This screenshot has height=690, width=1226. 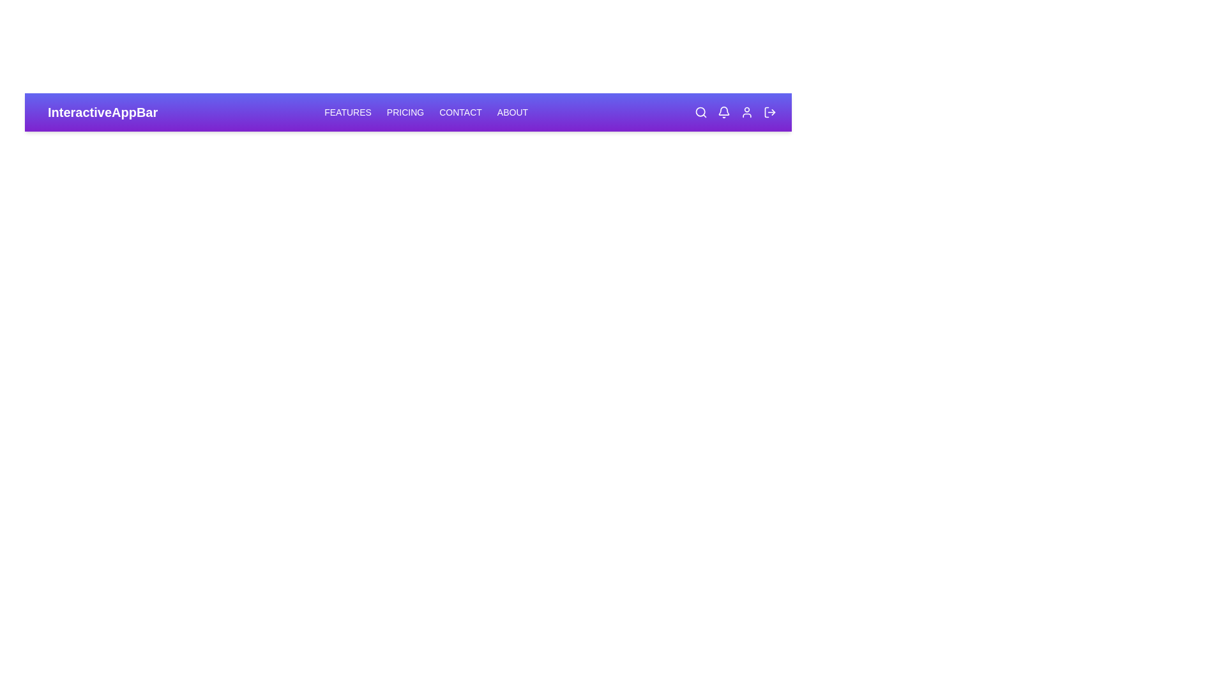 What do you see at coordinates (460, 112) in the screenshot?
I see `the 'Contact' link in the navigation bar` at bounding box center [460, 112].